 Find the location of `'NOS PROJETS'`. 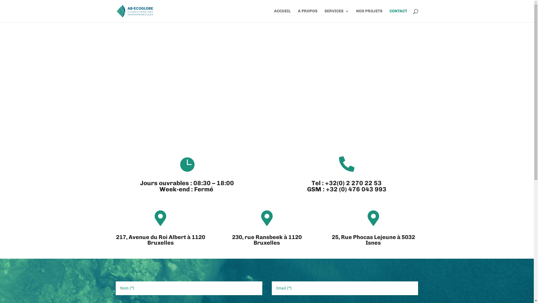

'NOS PROJETS' is located at coordinates (369, 15).